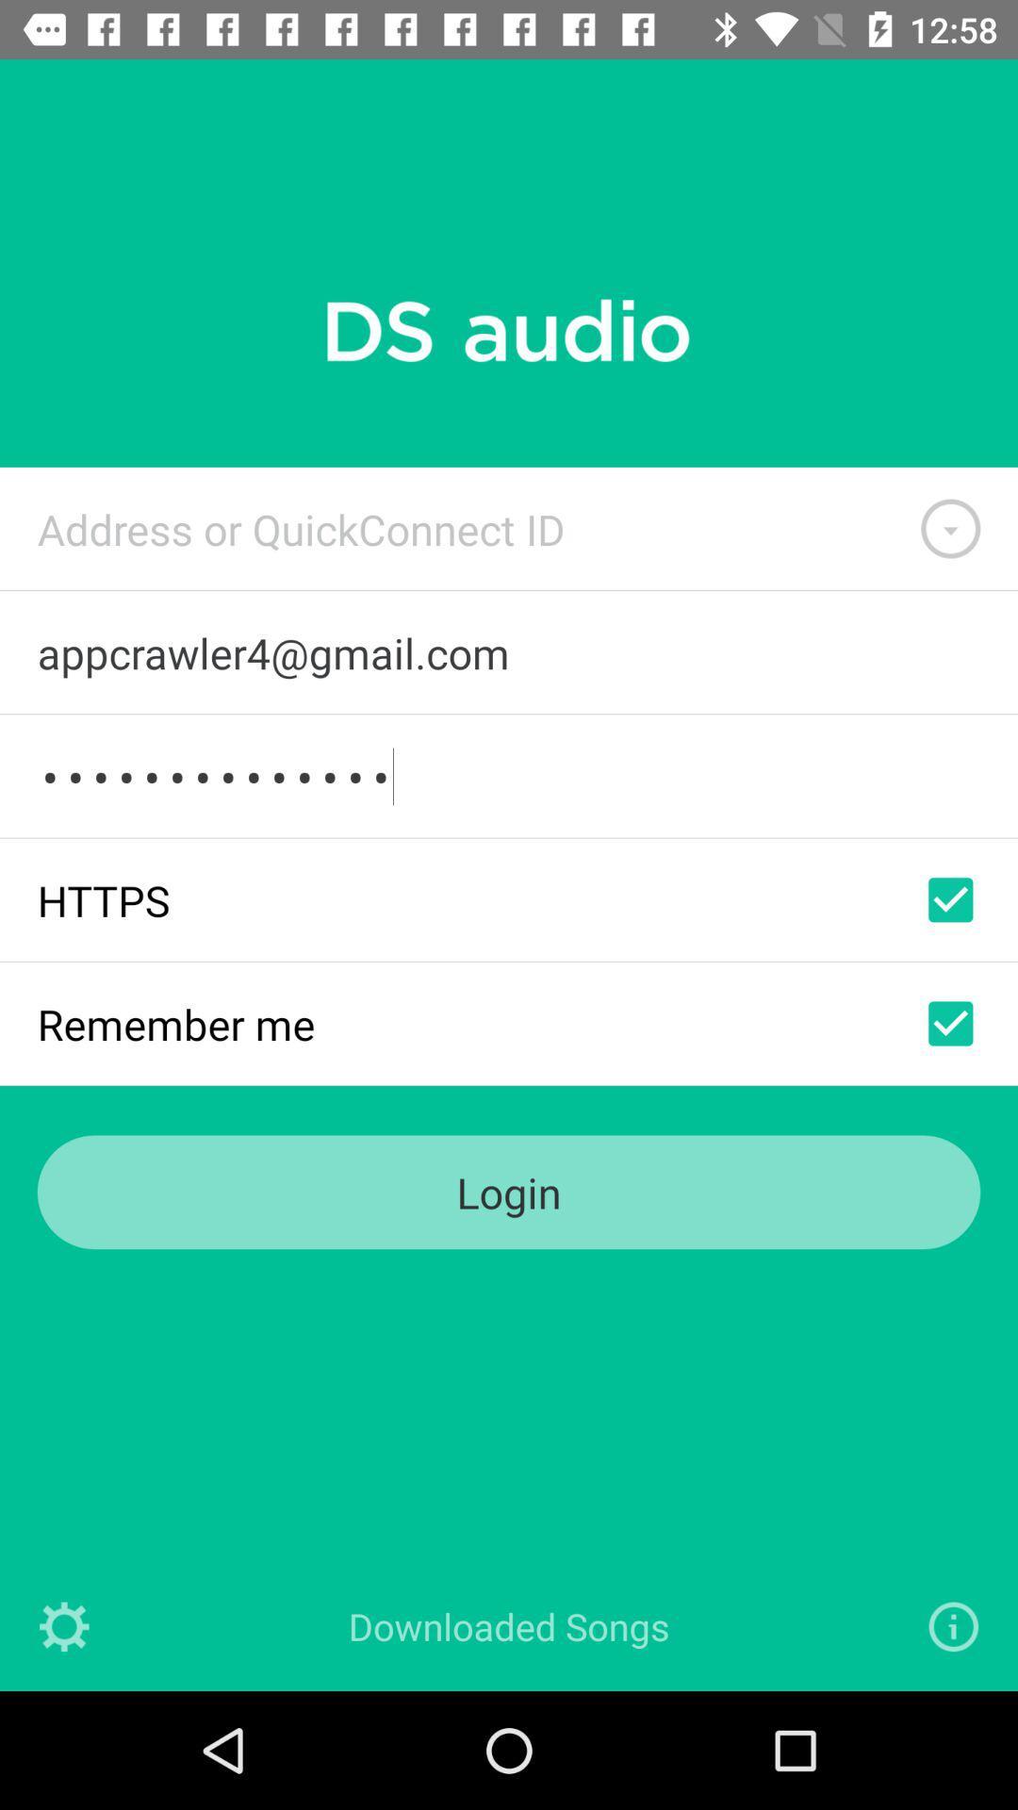 This screenshot has width=1018, height=1810. Describe the element at coordinates (950, 528) in the screenshot. I see `list of addresses or ids` at that location.